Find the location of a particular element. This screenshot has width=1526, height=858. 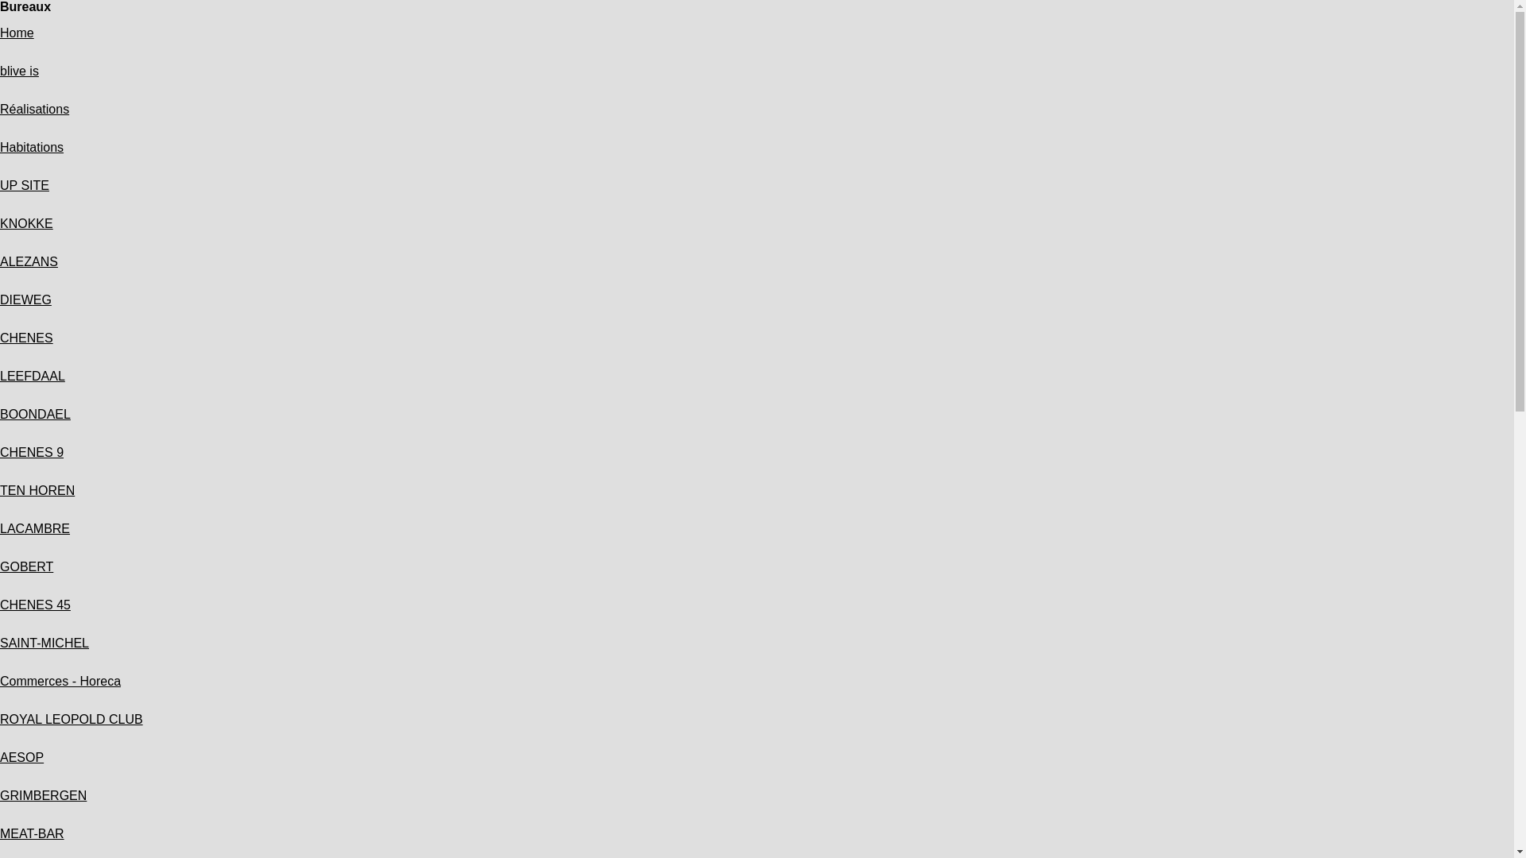

'Home' is located at coordinates (17, 33).